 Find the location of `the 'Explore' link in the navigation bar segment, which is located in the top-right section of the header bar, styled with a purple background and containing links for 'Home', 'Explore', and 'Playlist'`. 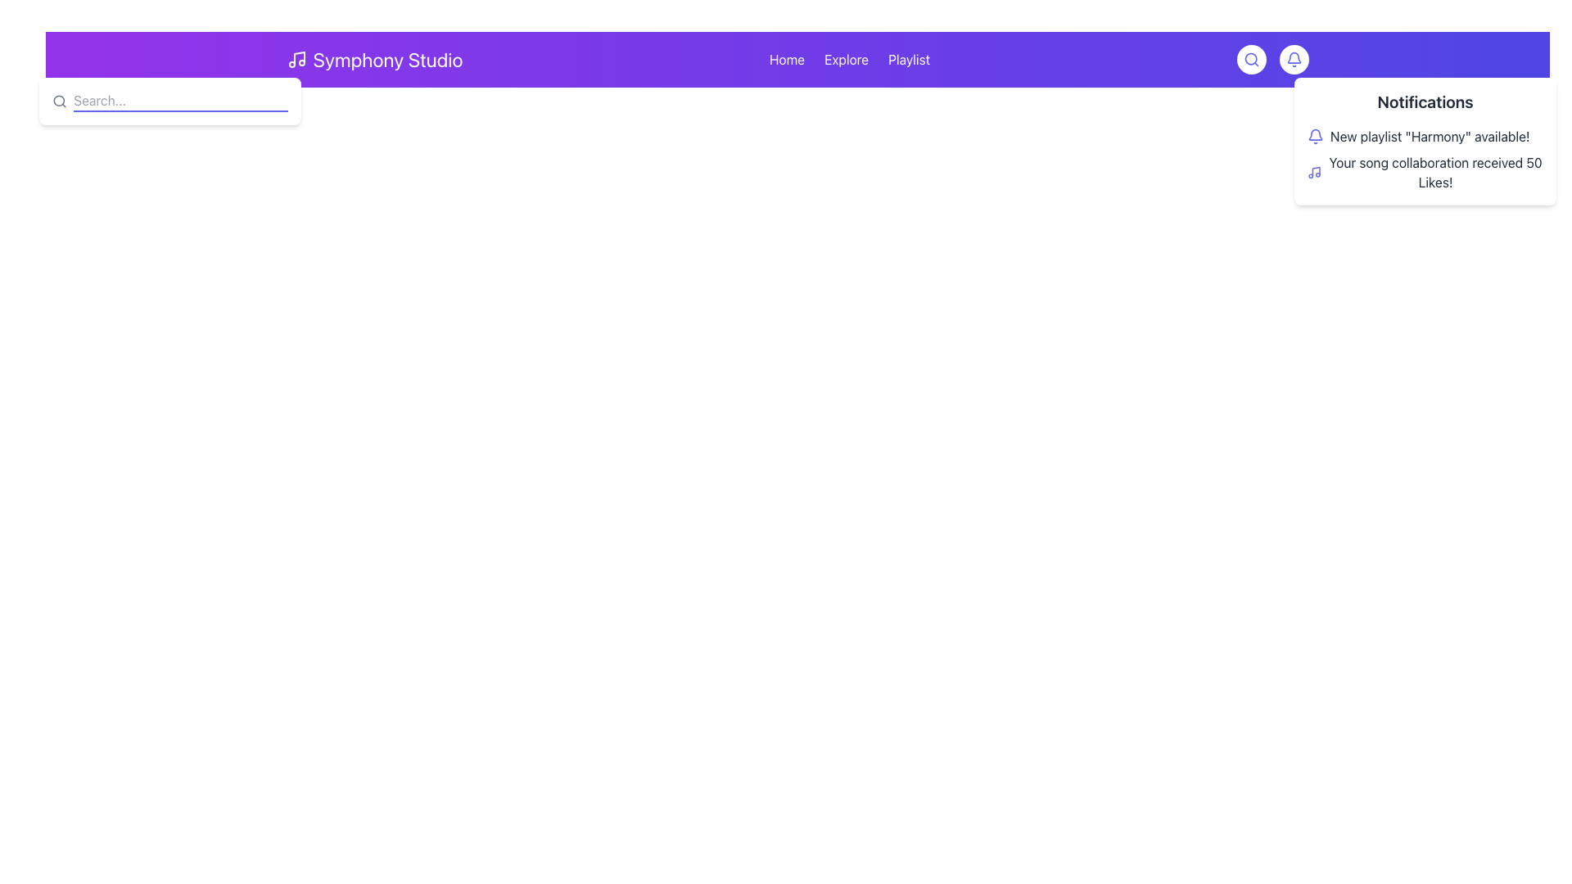

the 'Explore' link in the navigation bar segment, which is located in the top-right section of the header bar, styled with a purple background and containing links for 'Home', 'Explore', and 'Playlist' is located at coordinates (849, 59).